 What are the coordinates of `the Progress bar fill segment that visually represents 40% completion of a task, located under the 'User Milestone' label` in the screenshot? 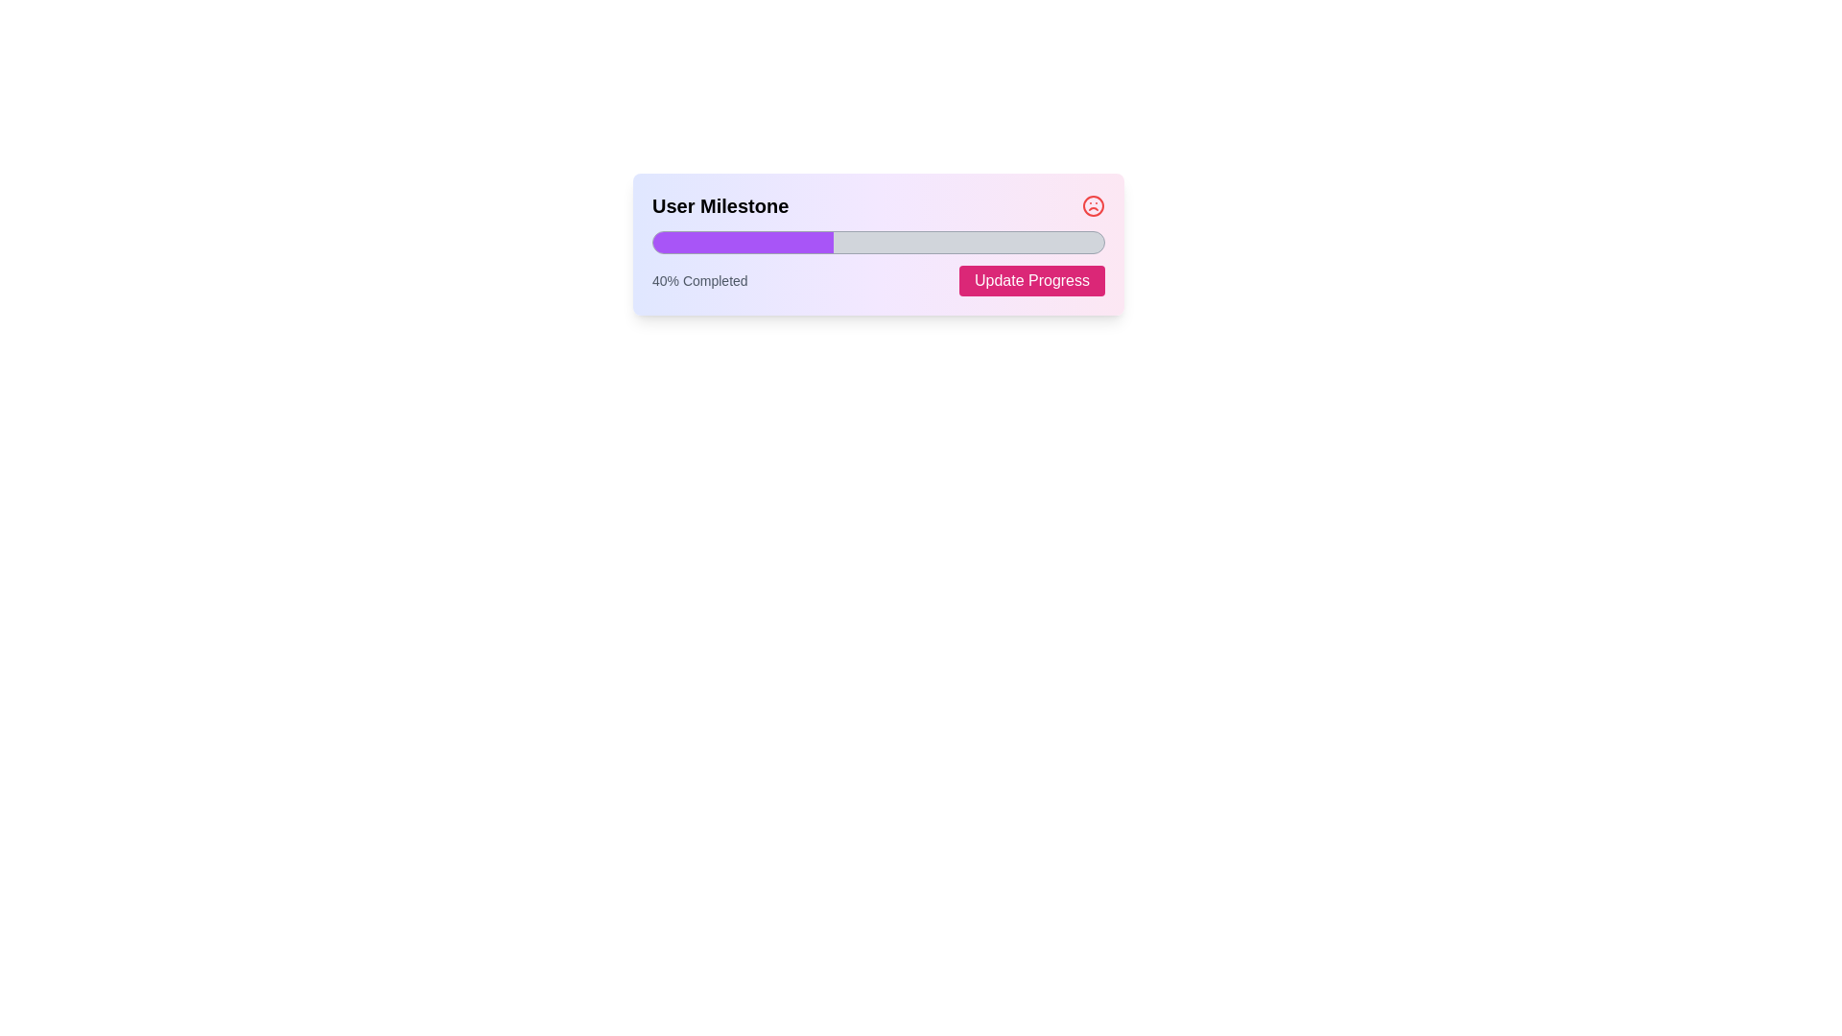 It's located at (742, 242).